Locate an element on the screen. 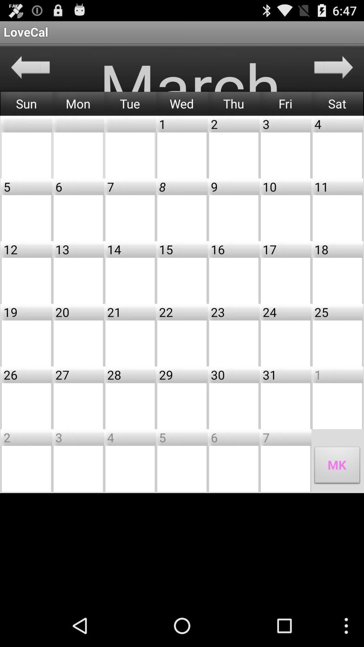 This screenshot has height=647, width=364. the minus icon is located at coordinates (181, 367).